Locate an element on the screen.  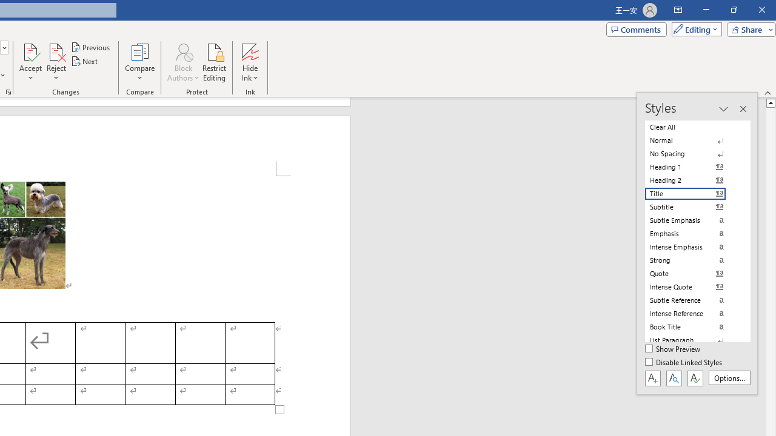
'Line up' is located at coordinates (770, 102).